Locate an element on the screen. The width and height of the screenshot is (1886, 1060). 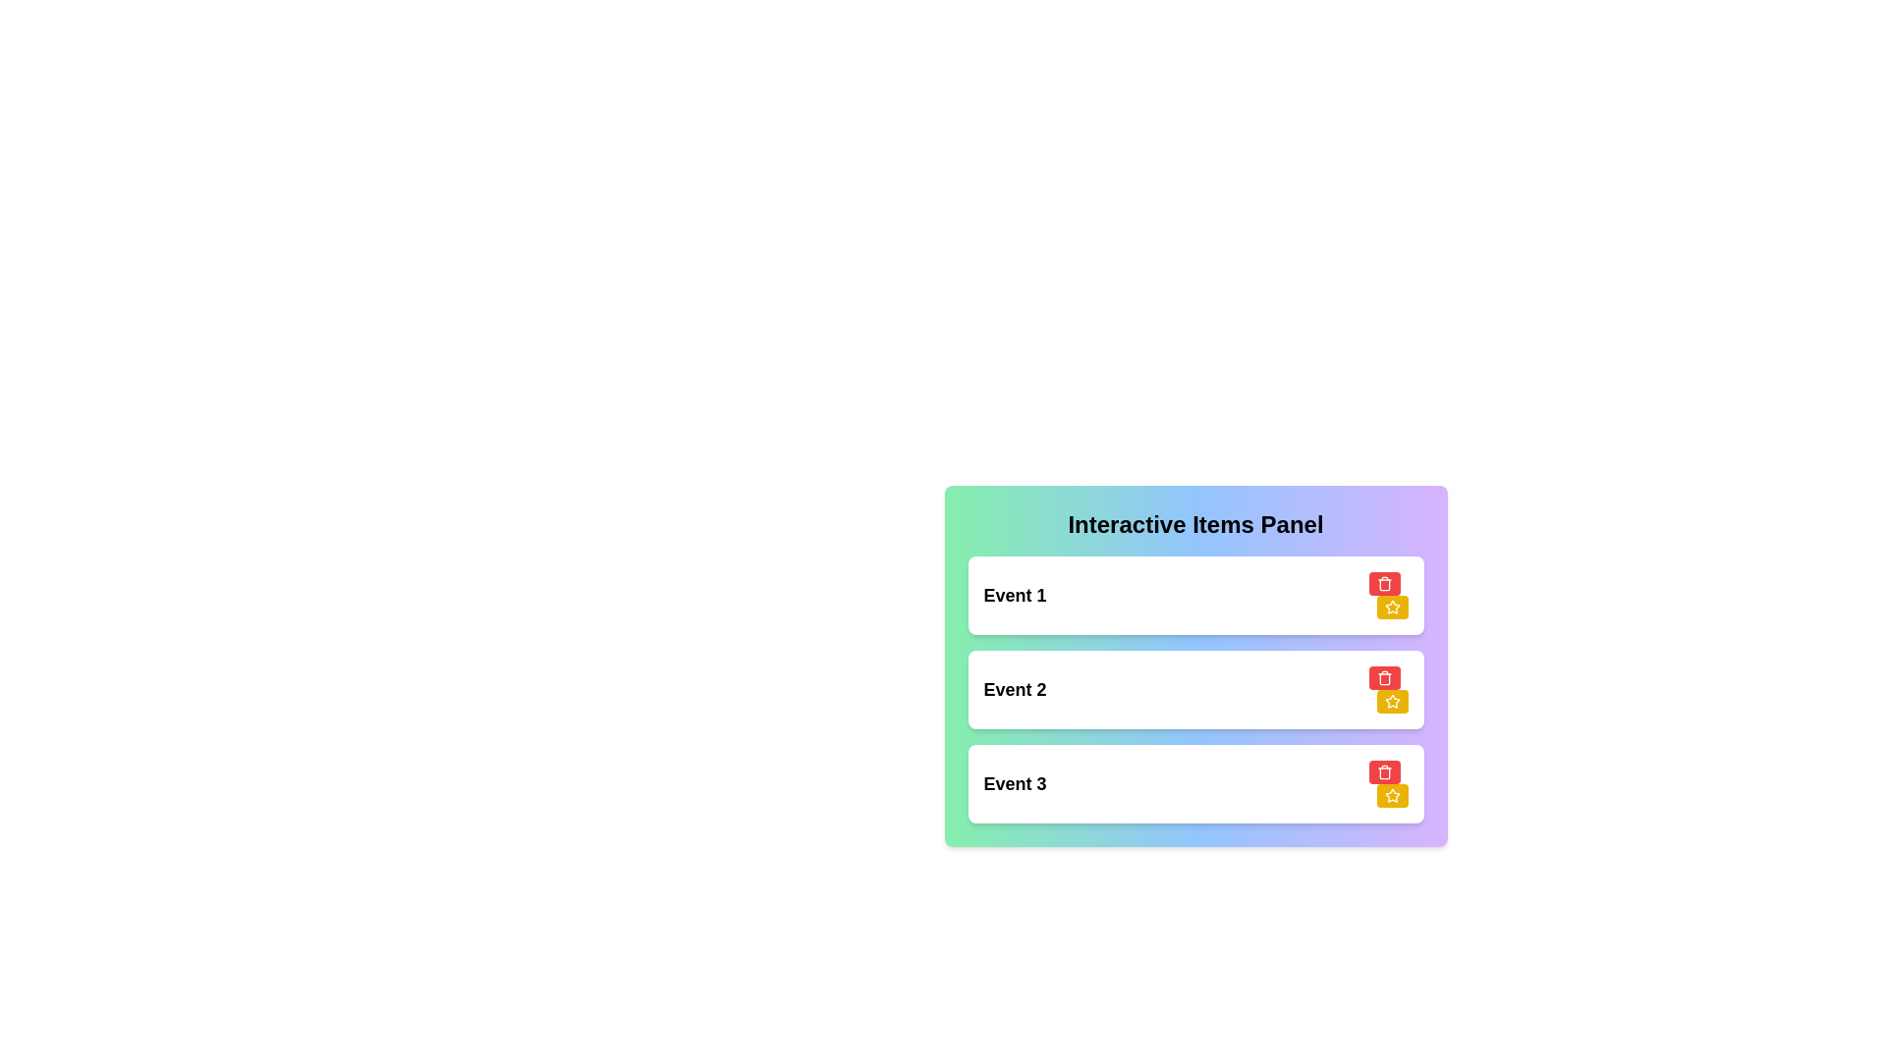
the star icon button located at the bottom right corner of the item row labeled 'Event 3' to favorite the event is located at coordinates (1391, 606).